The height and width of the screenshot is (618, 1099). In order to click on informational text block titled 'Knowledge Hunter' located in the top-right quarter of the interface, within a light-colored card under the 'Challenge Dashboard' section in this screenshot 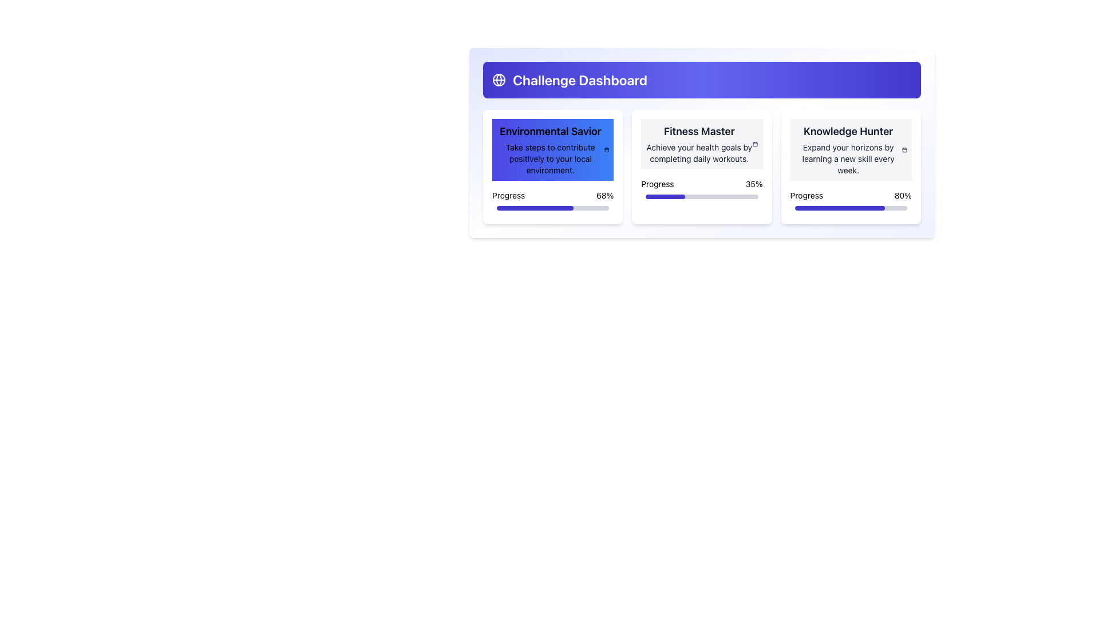, I will do `click(848, 149)`.